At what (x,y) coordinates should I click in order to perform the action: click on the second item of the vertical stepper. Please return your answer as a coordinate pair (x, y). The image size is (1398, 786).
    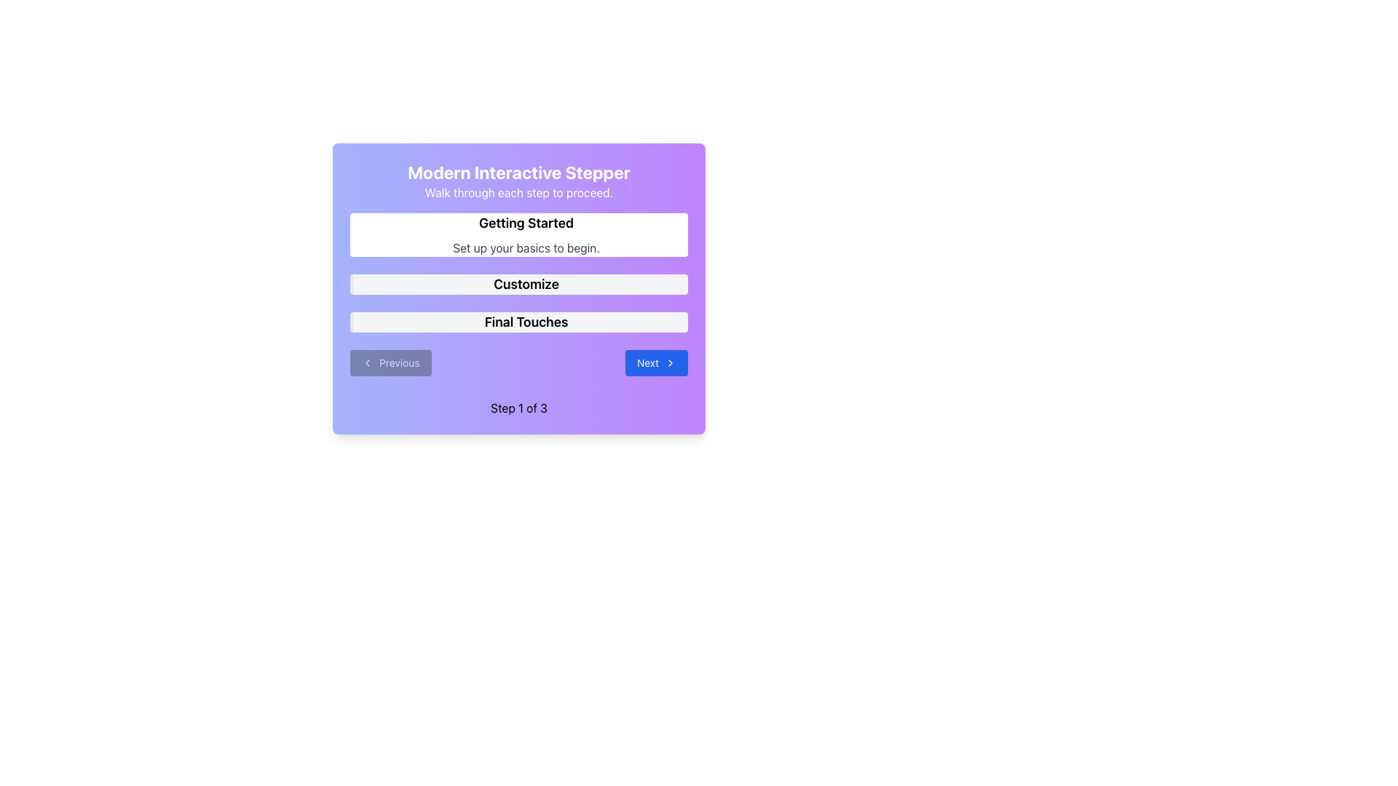
    Looking at the image, I should click on (519, 272).